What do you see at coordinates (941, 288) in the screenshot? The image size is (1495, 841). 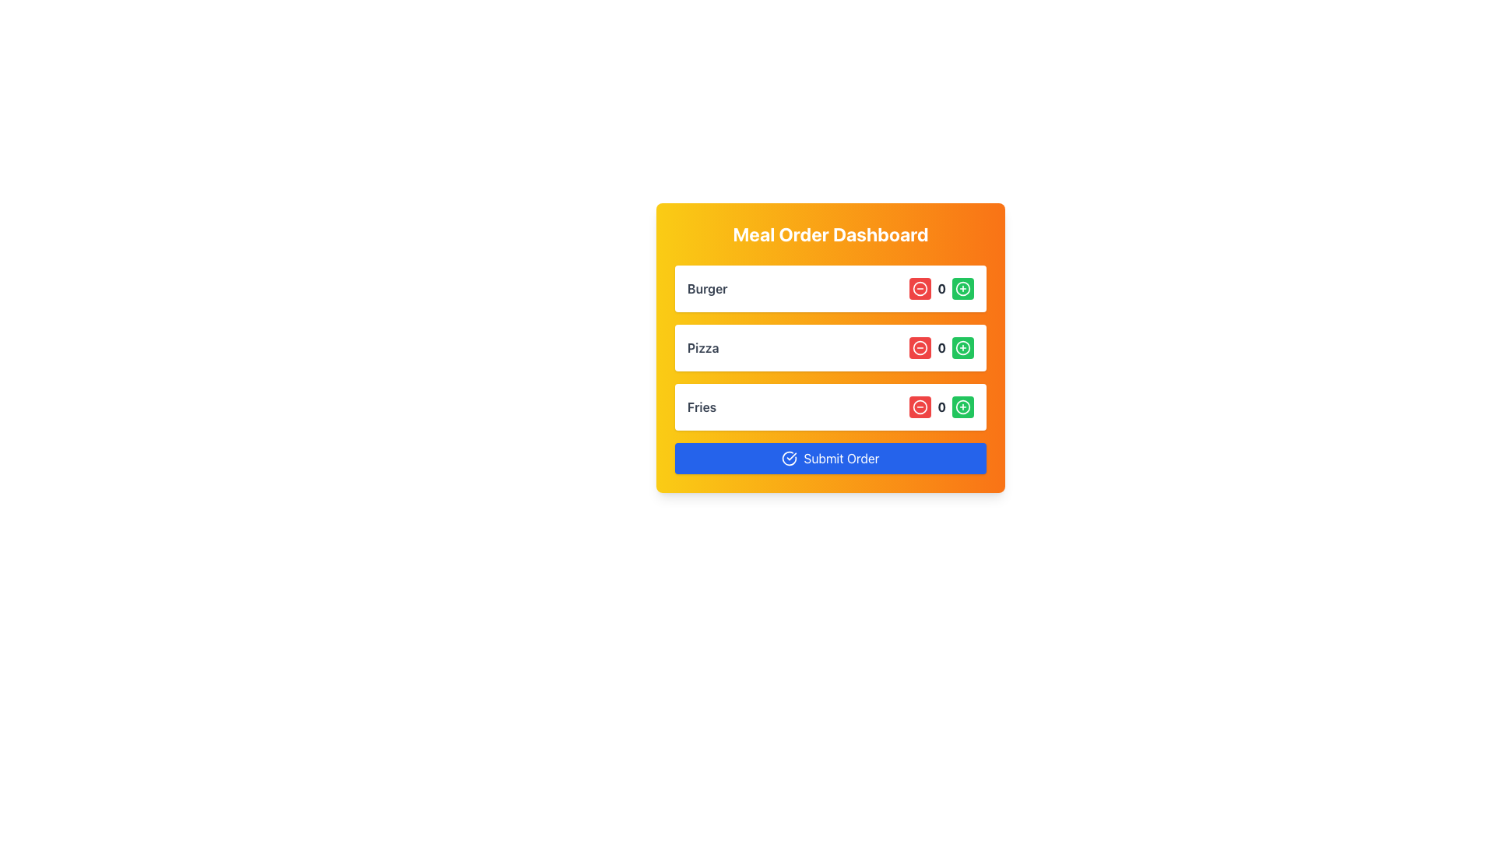 I see `the Static Text Label displaying the numeric value '0', which is bold and gray, positioned between the red '-' button and the green '+' button in the 'Pizza' section` at bounding box center [941, 288].